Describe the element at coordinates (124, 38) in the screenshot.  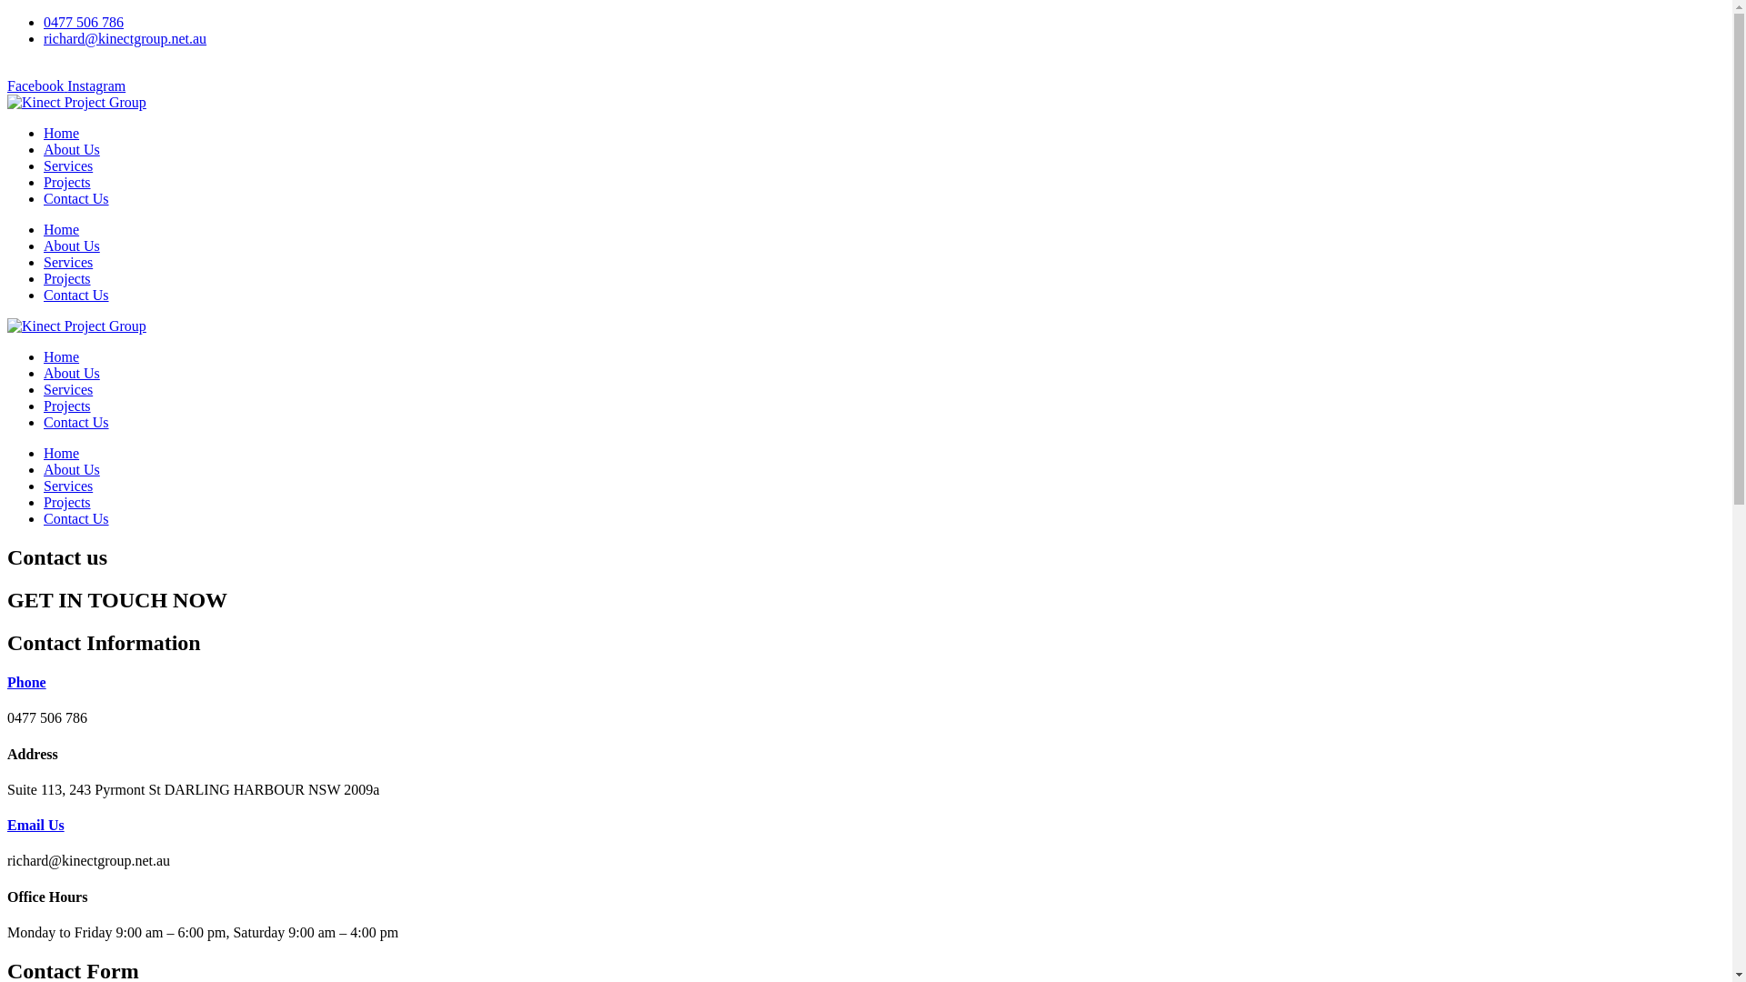
I see `'richard@kinectgroup.net.au'` at that location.